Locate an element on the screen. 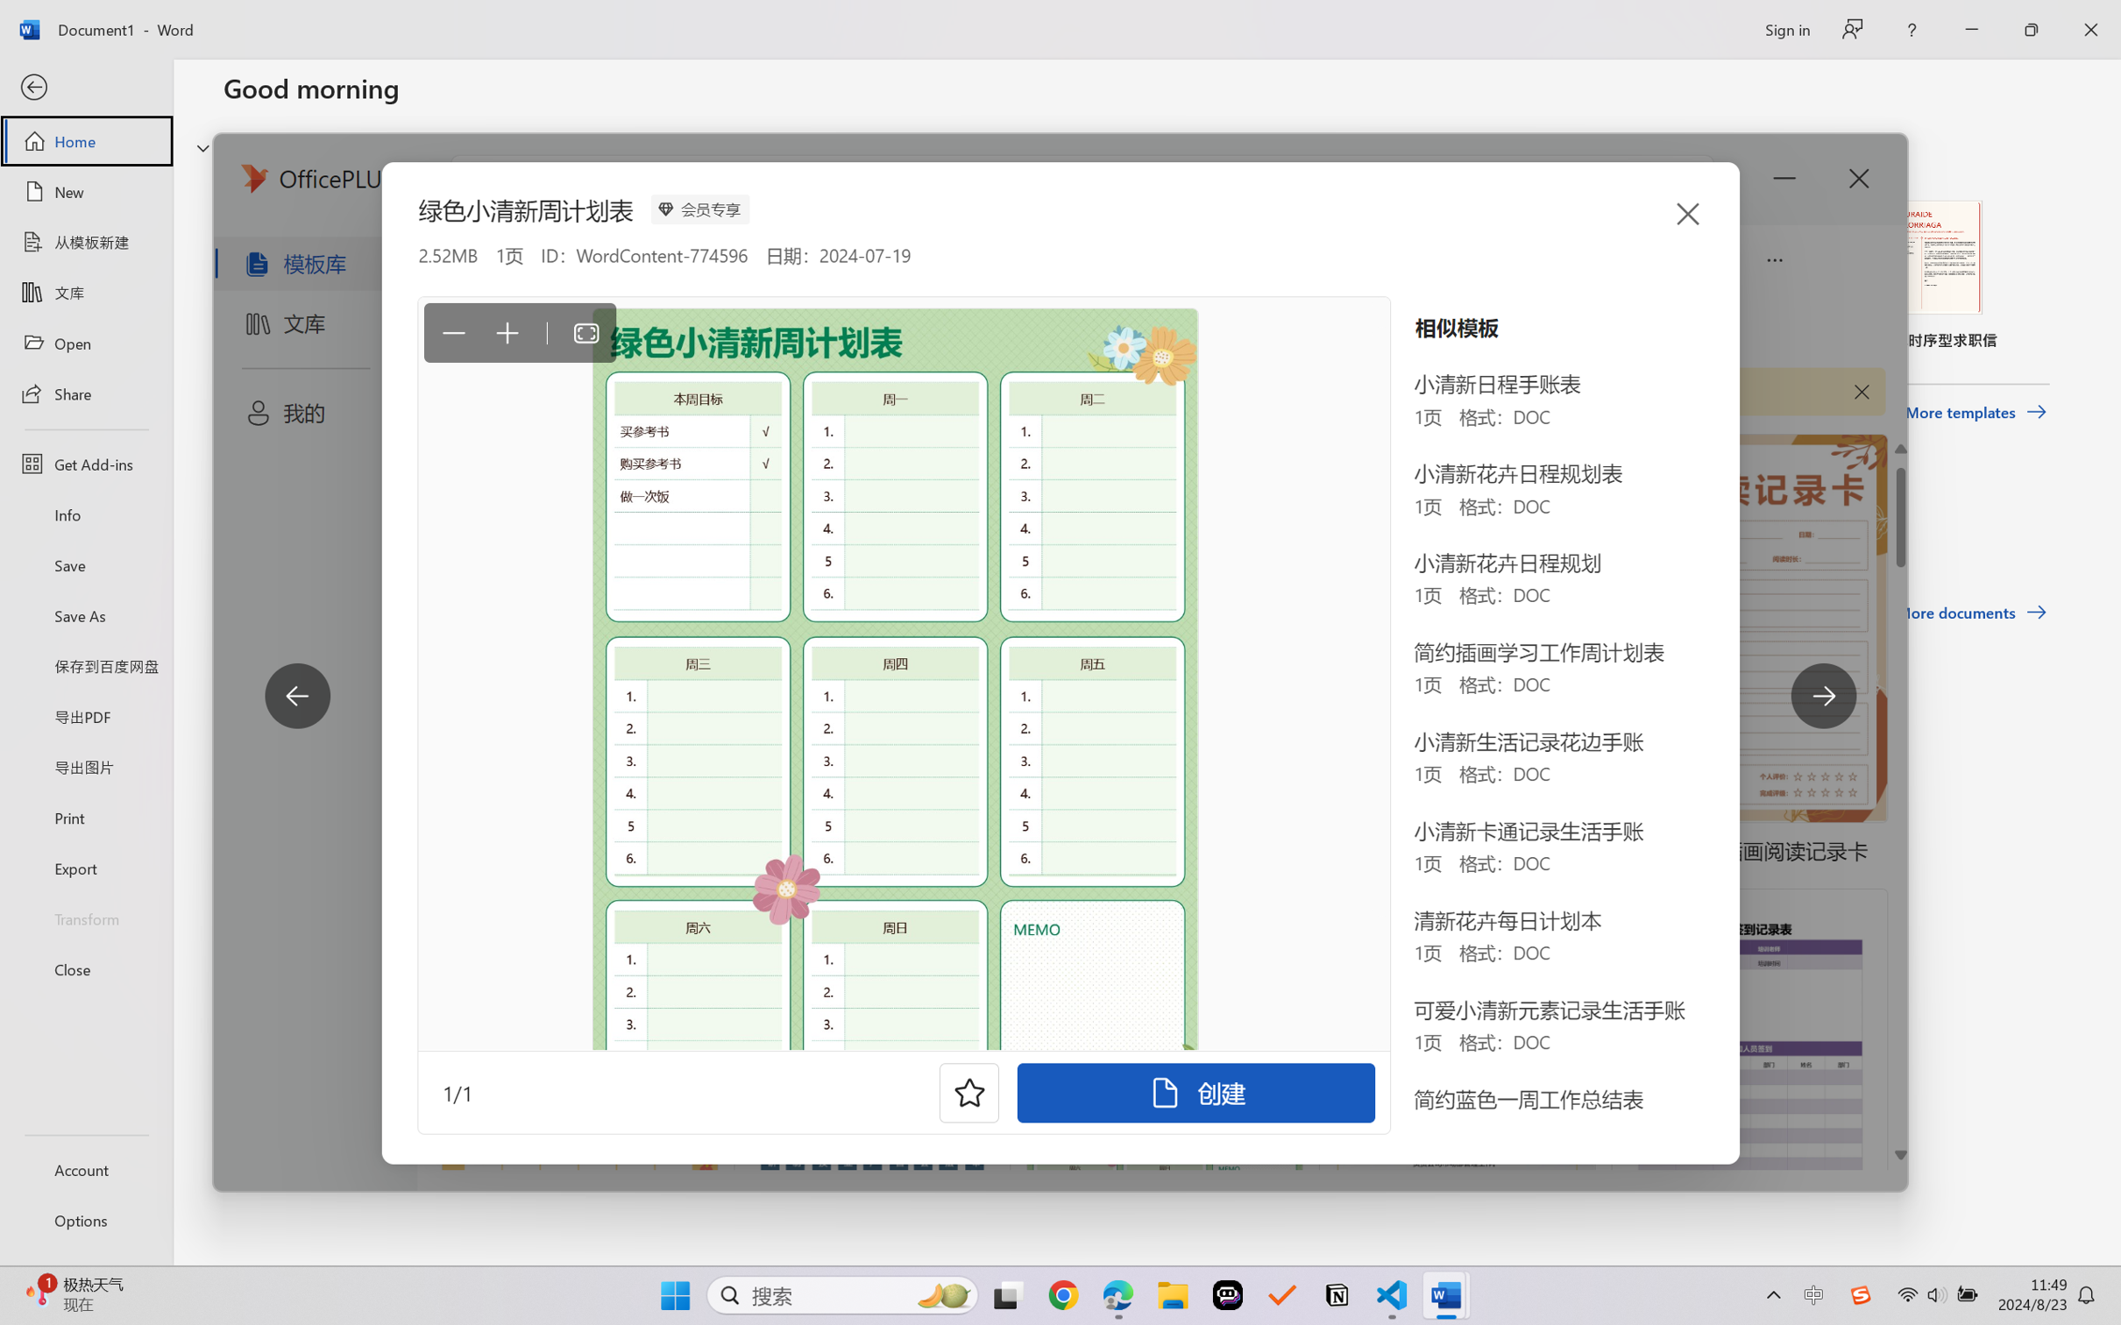 This screenshot has height=1325, width=2121. 'Back' is located at coordinates (85, 88).